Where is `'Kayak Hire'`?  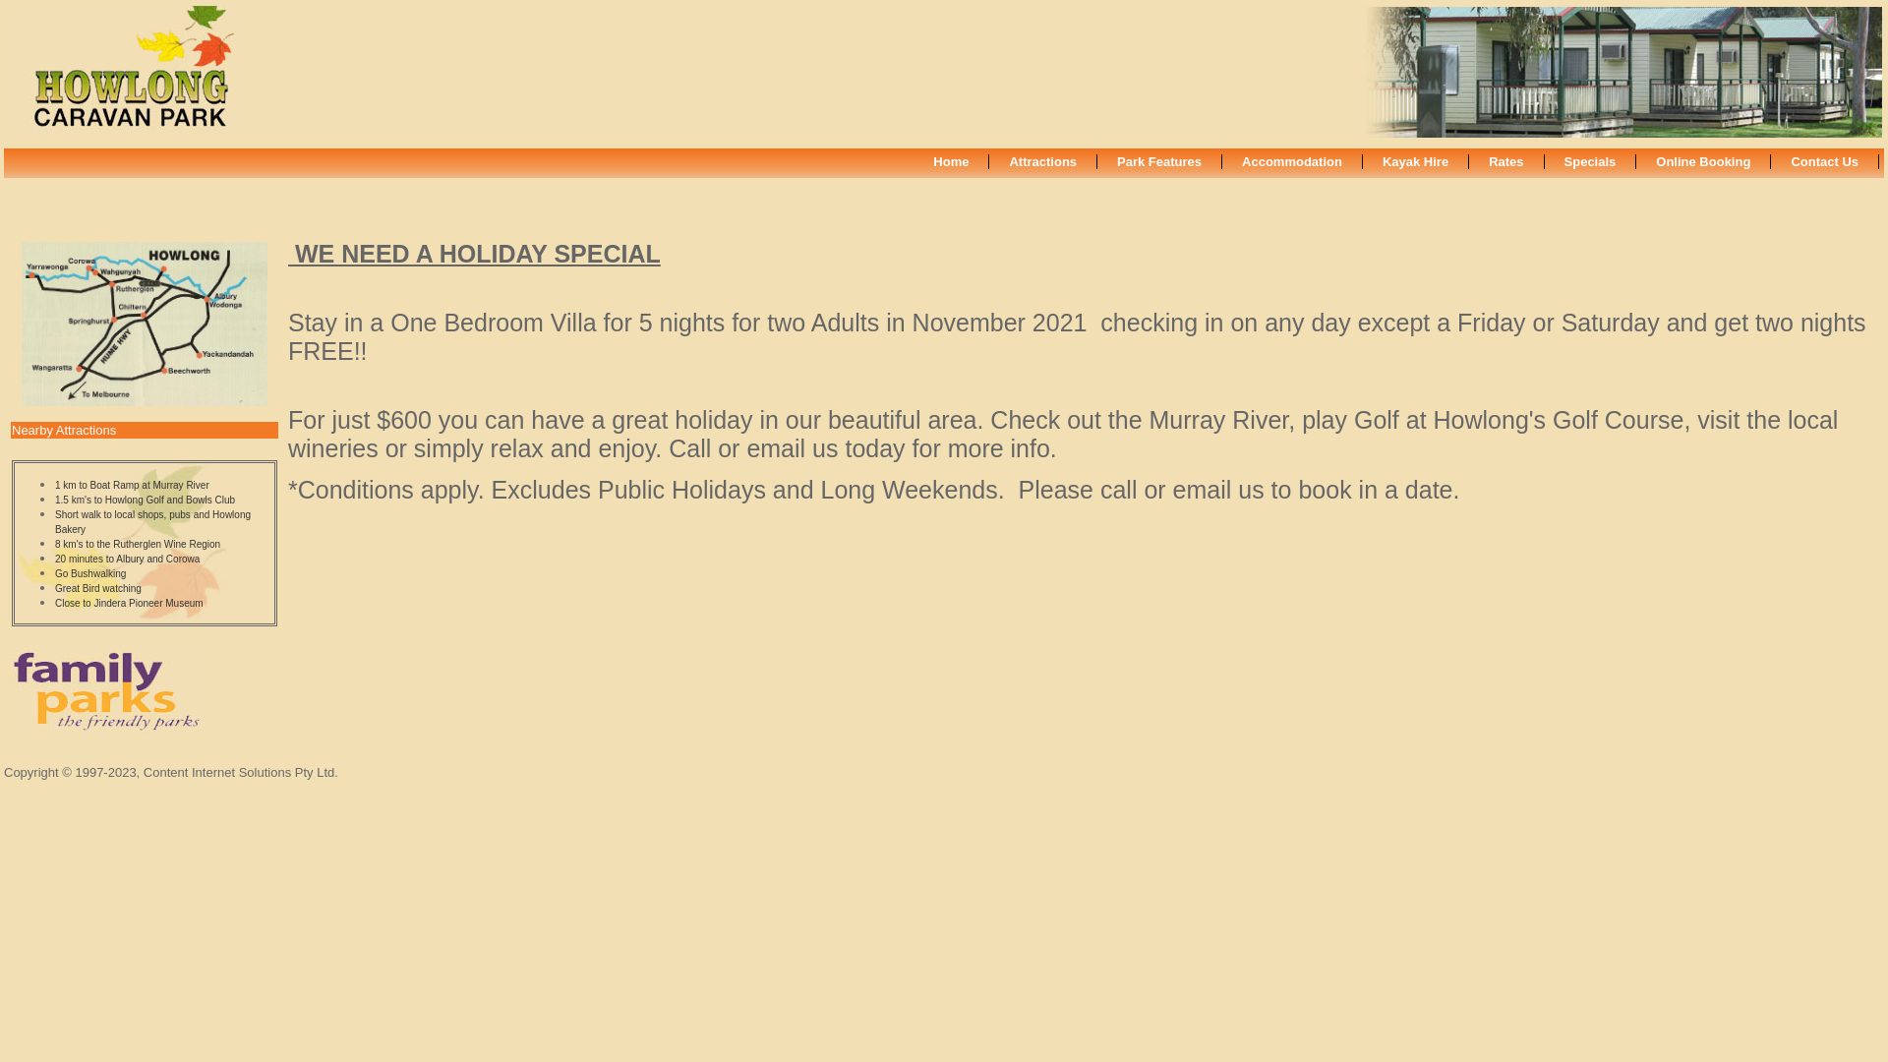
'Kayak Hire' is located at coordinates (1416, 160).